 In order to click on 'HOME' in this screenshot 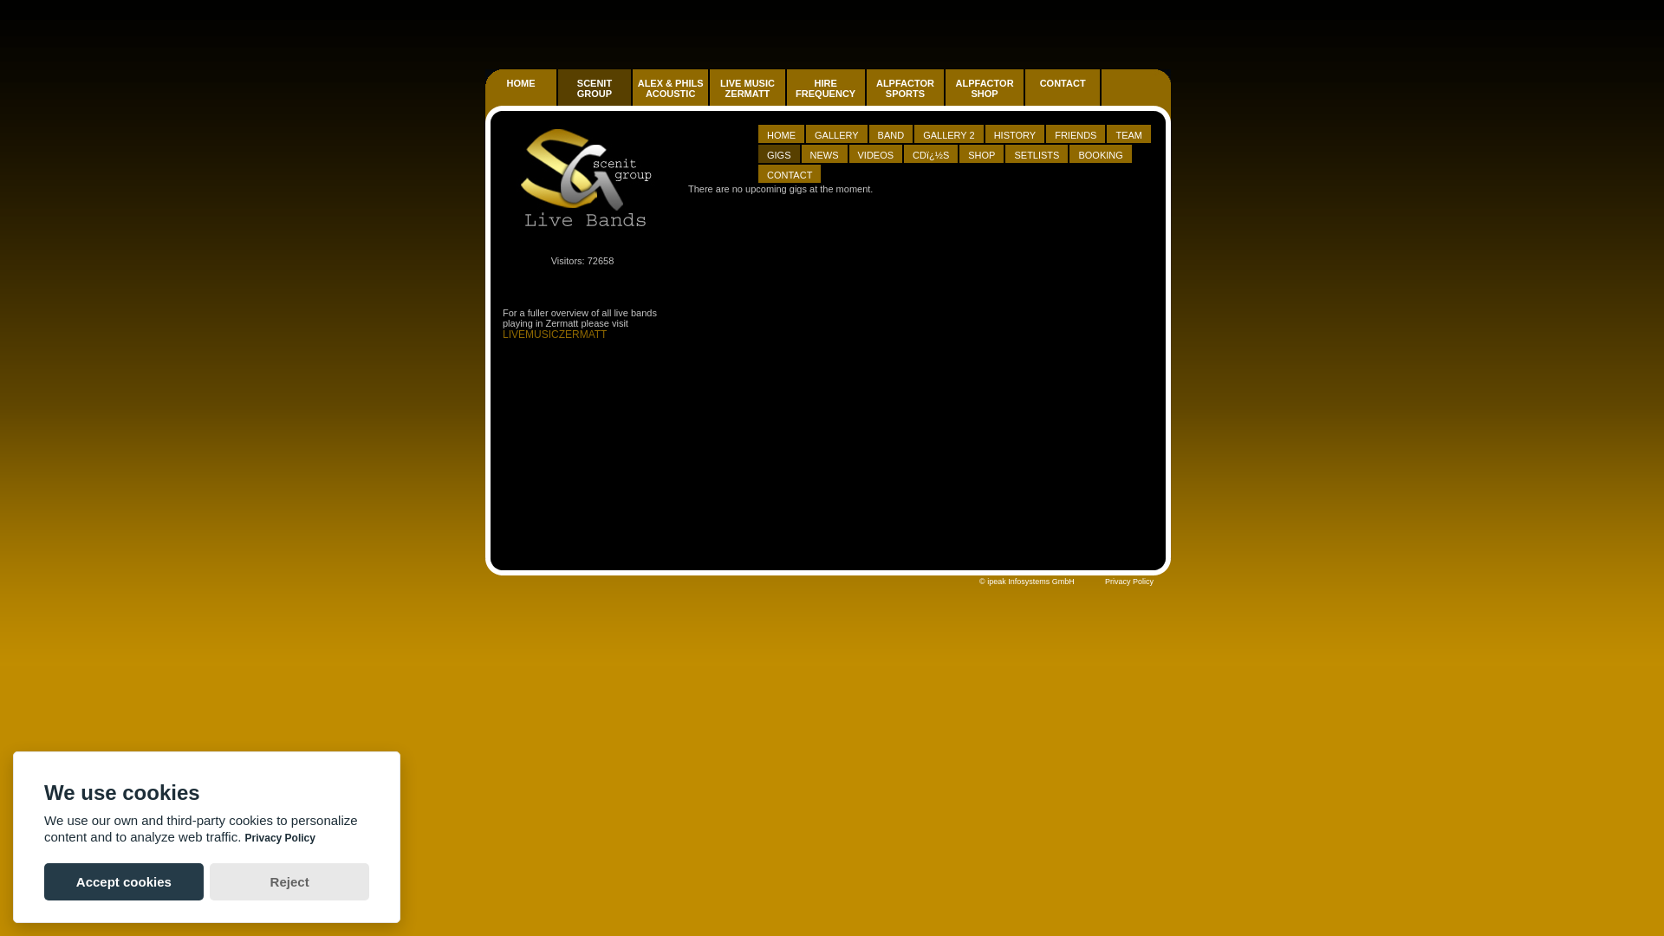, I will do `click(520, 83)`.